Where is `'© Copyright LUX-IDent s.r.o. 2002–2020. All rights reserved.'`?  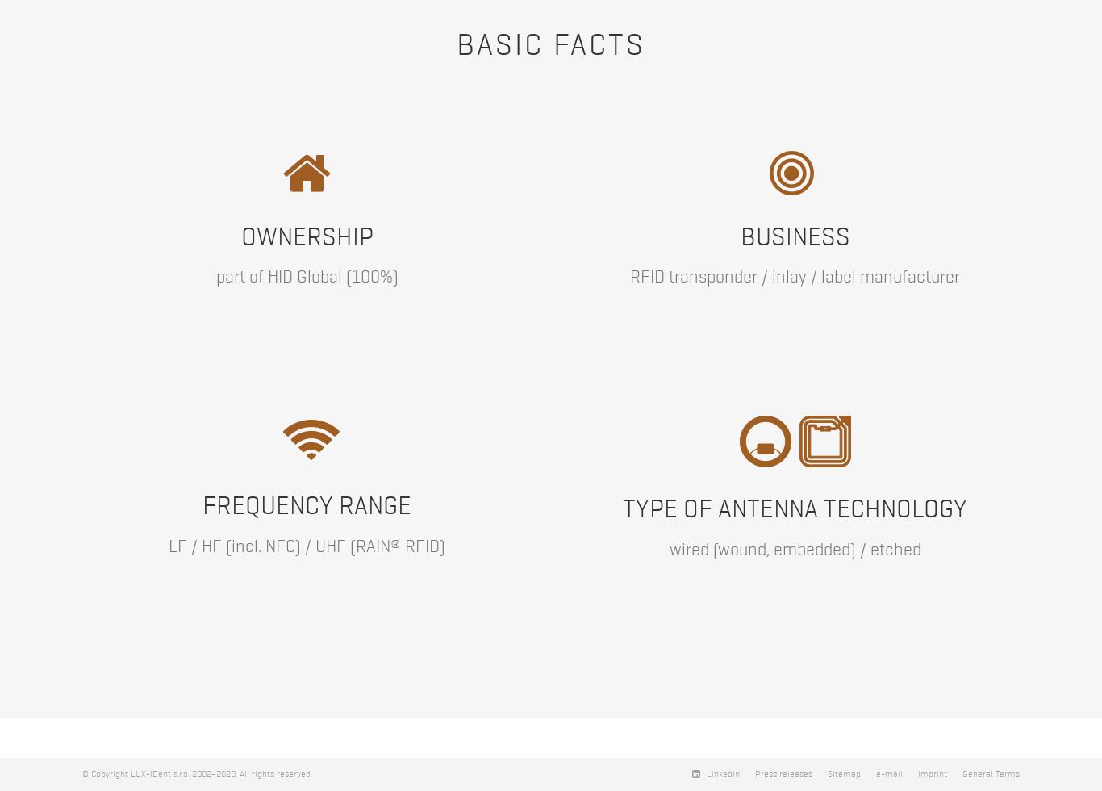 '© Copyright LUX-IDent s.r.o. 2002–2020. All rights reserved.' is located at coordinates (197, 774).